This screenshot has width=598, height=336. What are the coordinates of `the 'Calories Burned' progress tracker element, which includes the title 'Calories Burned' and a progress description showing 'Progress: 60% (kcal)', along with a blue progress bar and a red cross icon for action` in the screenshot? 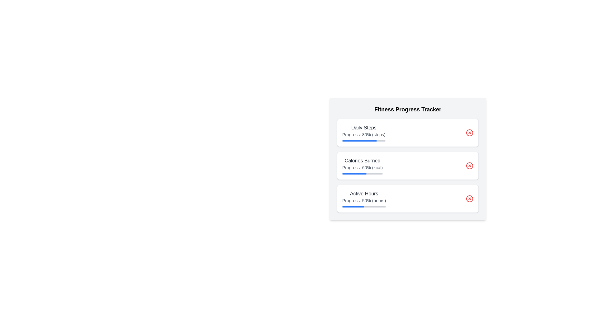 It's located at (408, 165).